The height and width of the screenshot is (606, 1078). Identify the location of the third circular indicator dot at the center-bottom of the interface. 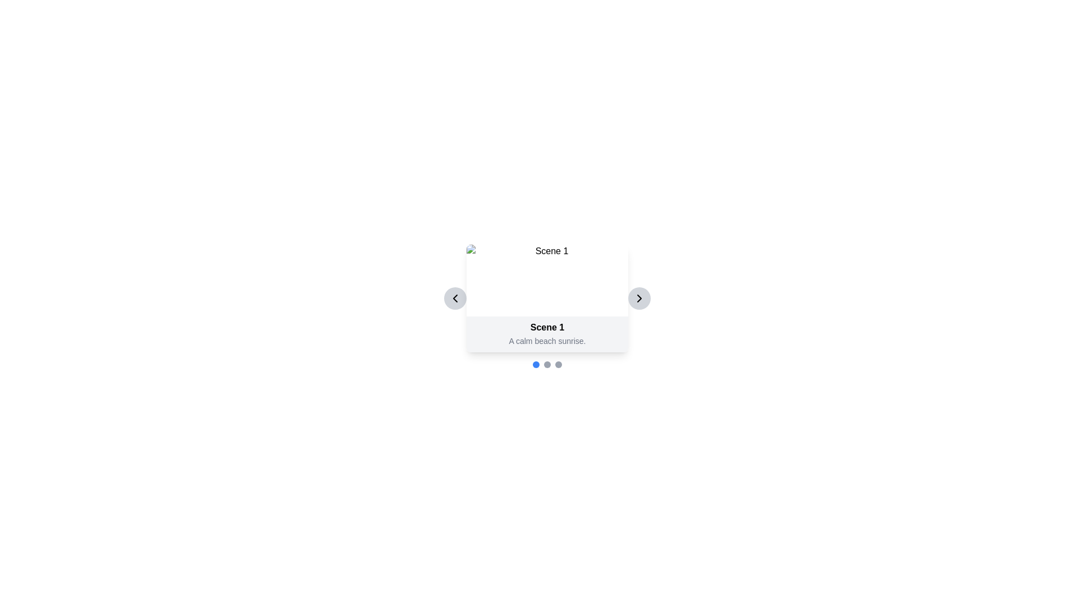
(558, 365).